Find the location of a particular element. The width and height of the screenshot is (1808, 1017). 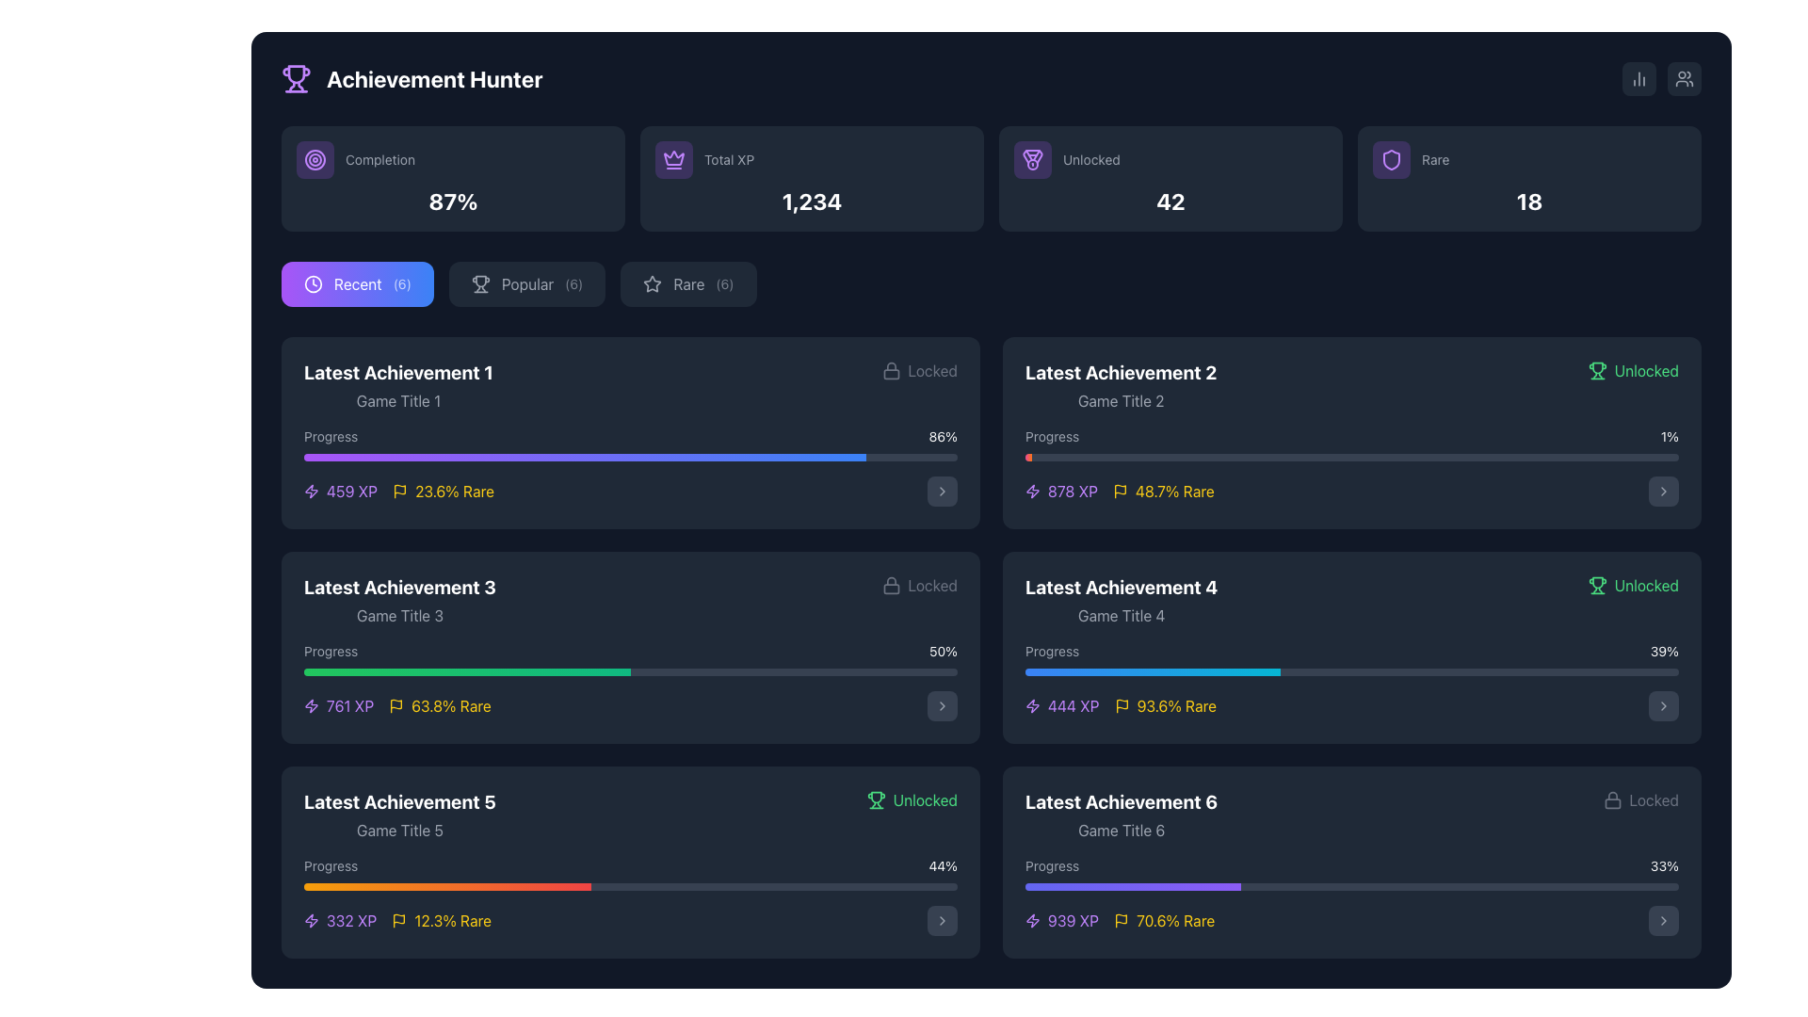

the 'Progress' text label in gray font color located in the 'Latest Achievement 6' section at the bottom-right of the interface is located at coordinates (1051, 866).